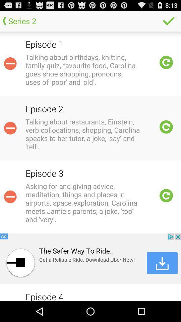 This screenshot has height=322, width=181. I want to click on refresh, so click(166, 196).